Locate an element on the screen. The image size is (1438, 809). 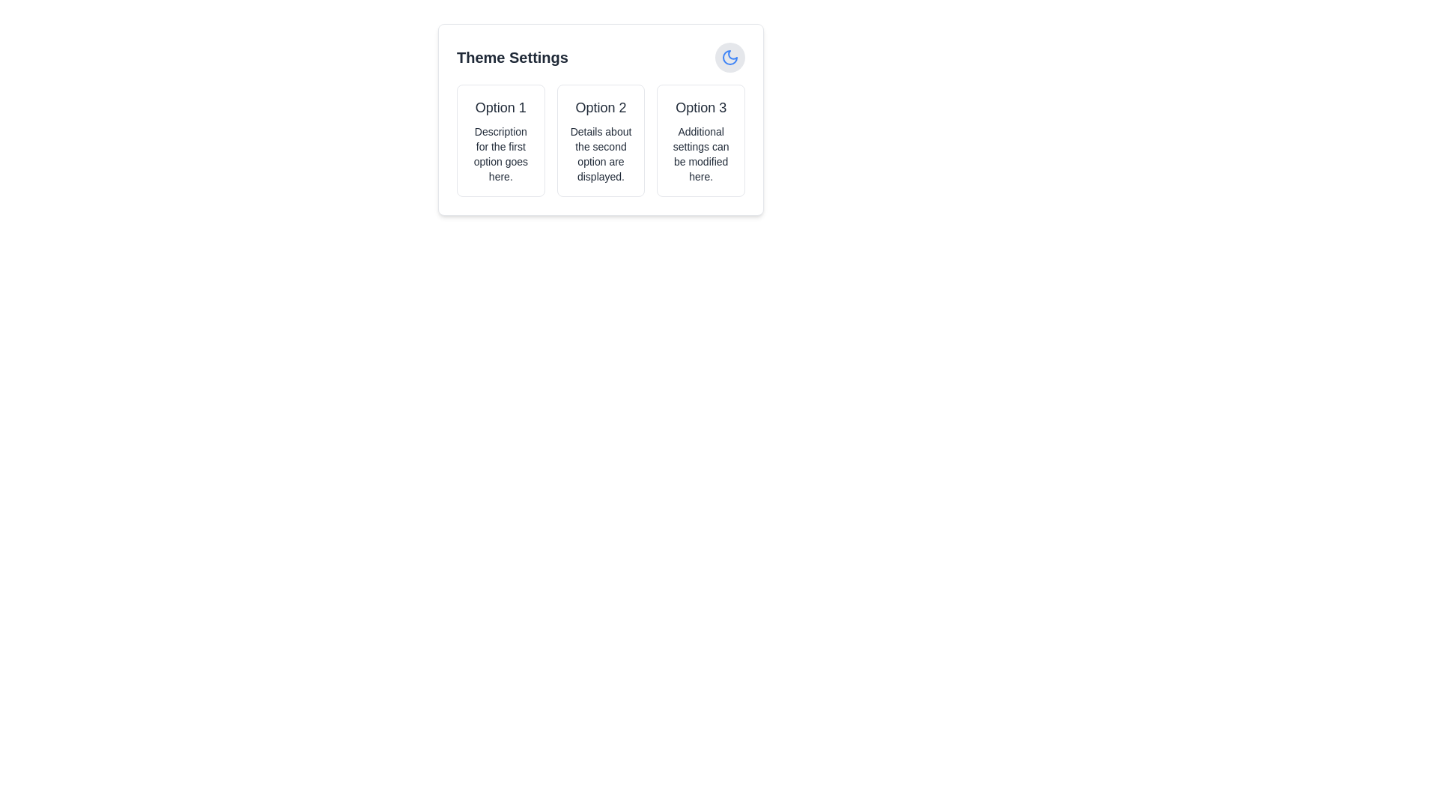
the theme change toggle icon, which is a small gray circular button located in the top-right corner of the 'Theme Settings' card is located at coordinates (729, 57).